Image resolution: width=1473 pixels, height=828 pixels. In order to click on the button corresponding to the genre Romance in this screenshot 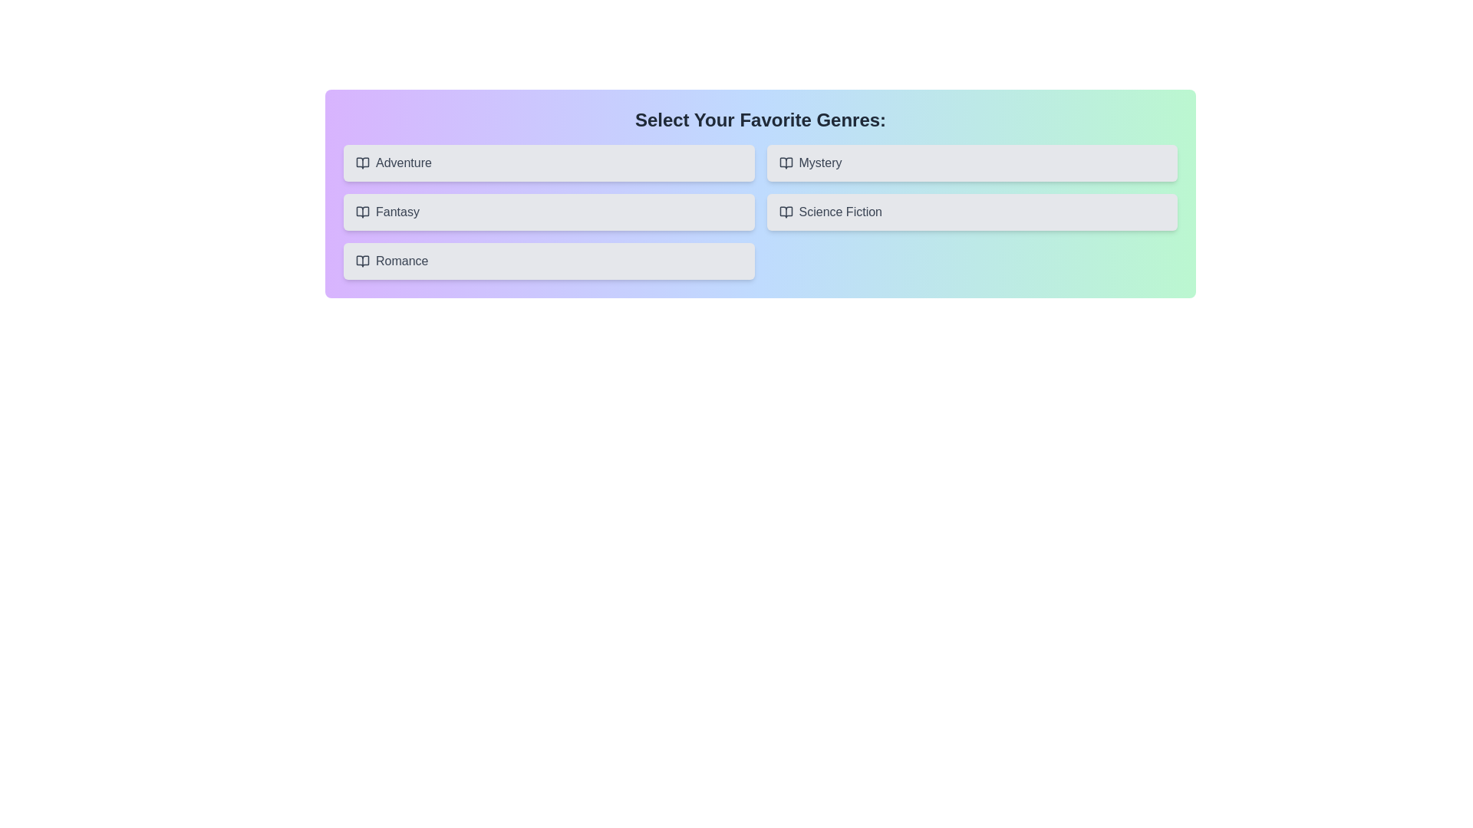, I will do `click(549, 260)`.